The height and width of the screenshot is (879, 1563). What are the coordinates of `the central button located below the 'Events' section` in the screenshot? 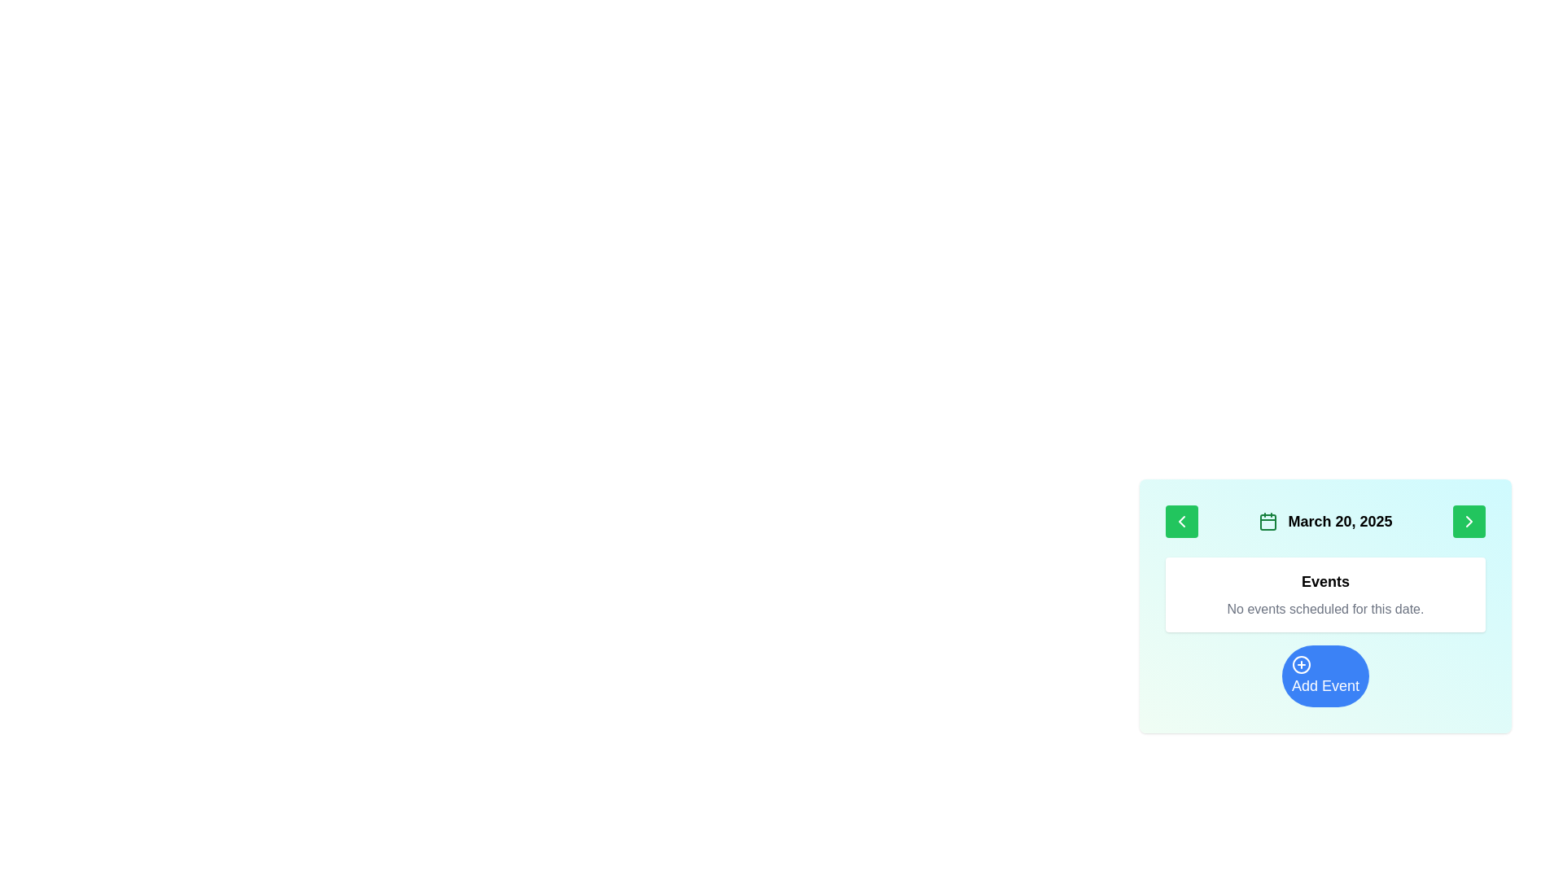 It's located at (1325, 667).